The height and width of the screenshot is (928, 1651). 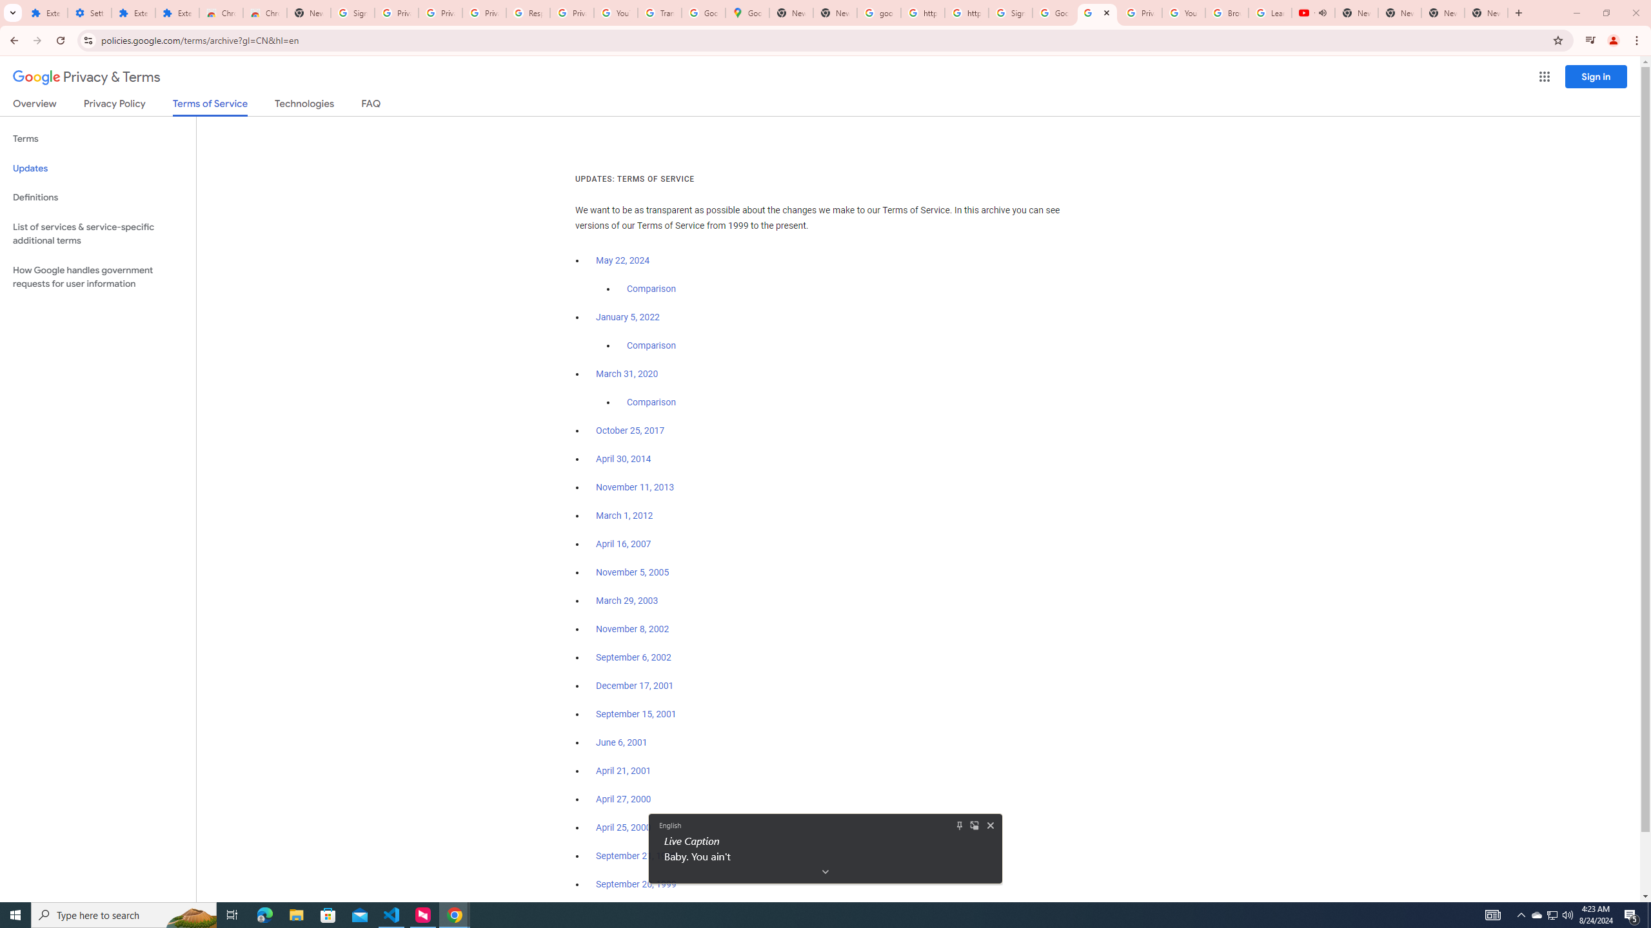 I want to click on 'June 6, 2001', so click(x=620, y=742).